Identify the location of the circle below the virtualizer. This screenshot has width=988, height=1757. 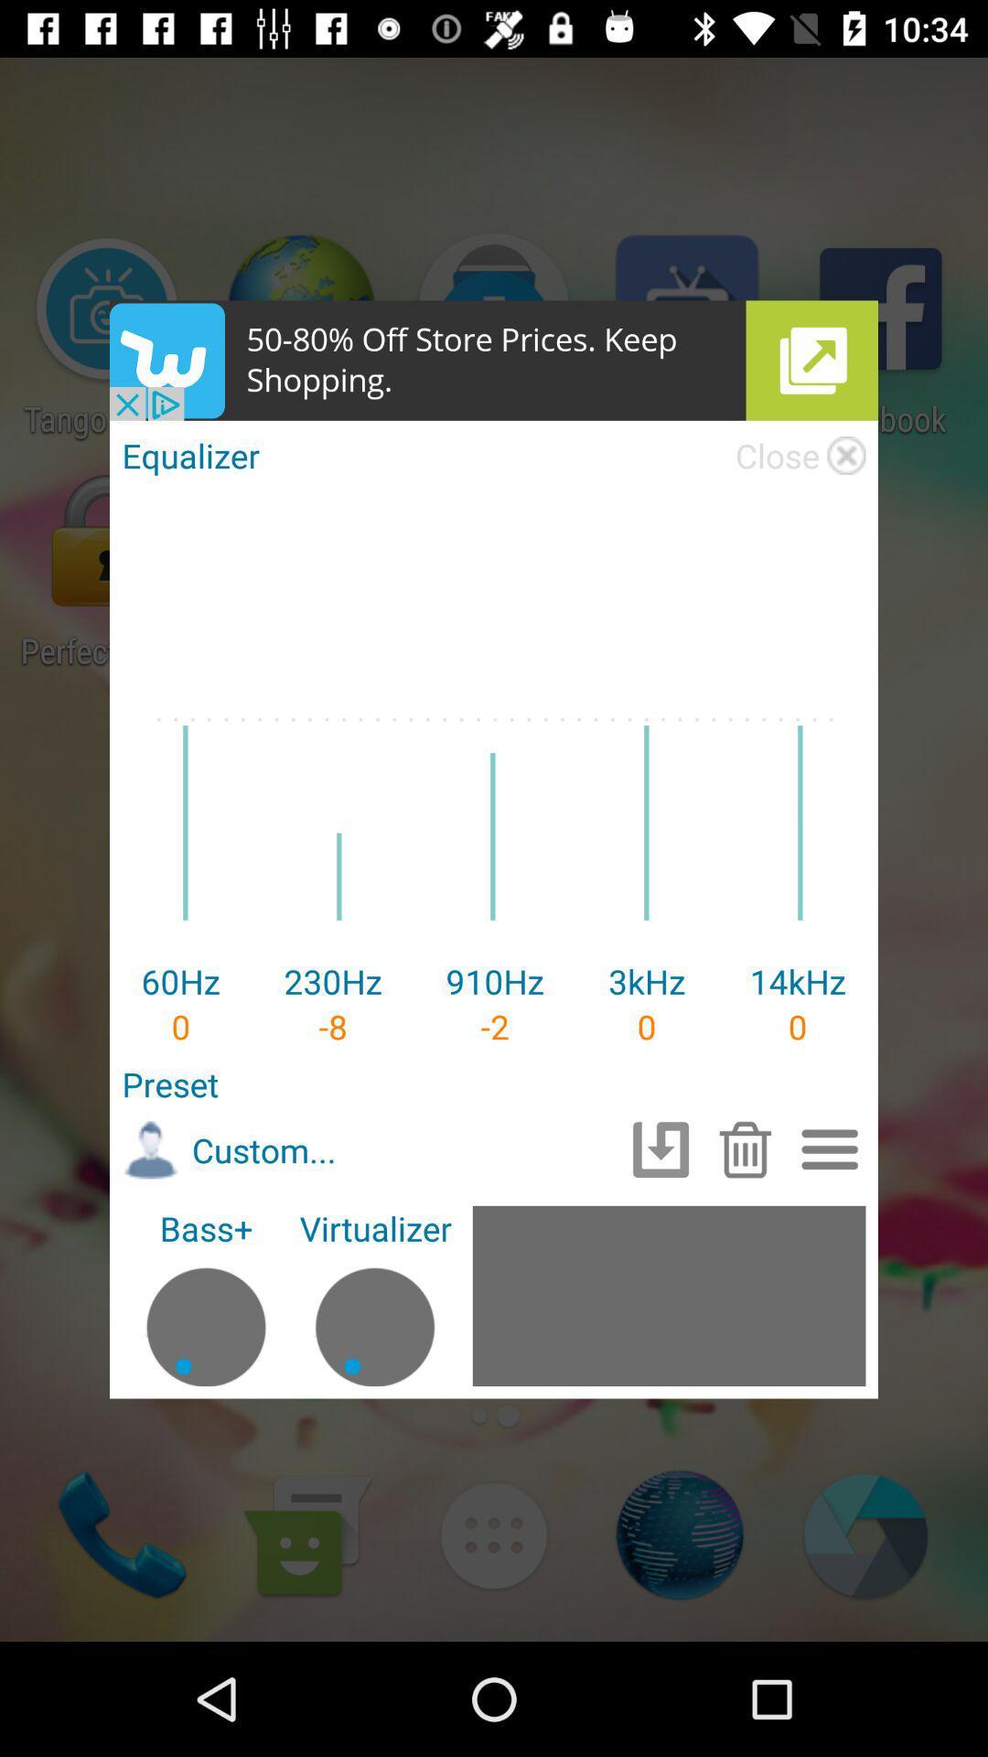
(374, 1318).